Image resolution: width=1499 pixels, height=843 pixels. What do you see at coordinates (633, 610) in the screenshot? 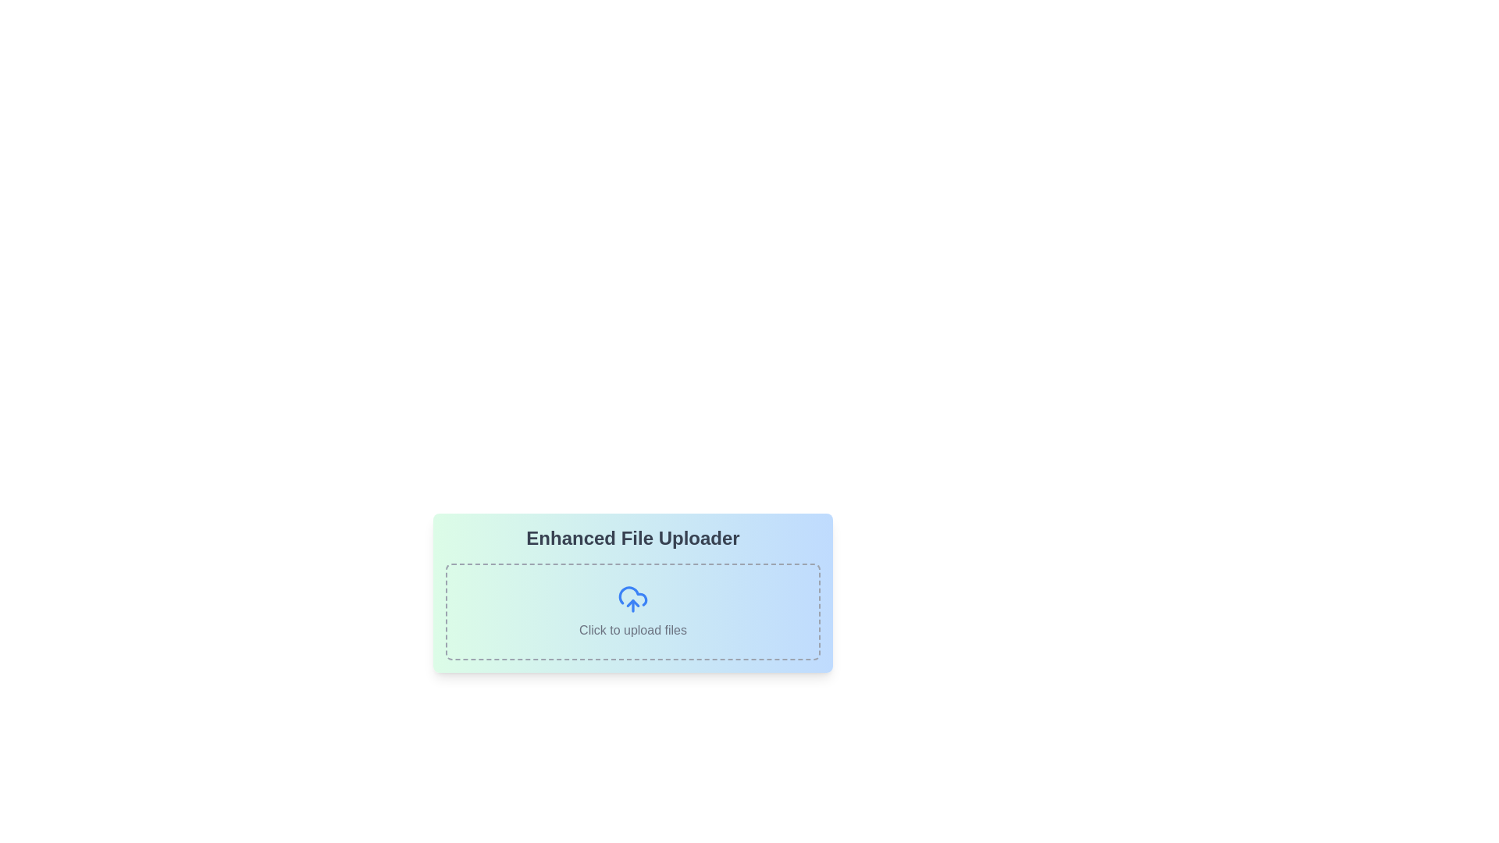
I see `the clickable upload area located below the 'Enhanced File Uploader' title in the card component to initiate the file upload process` at bounding box center [633, 610].